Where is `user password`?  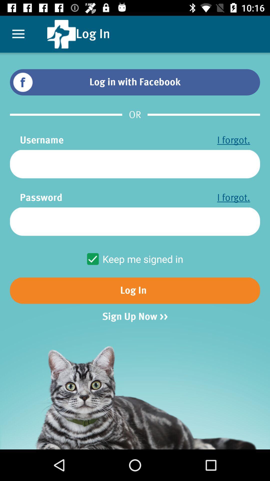 user password is located at coordinates (135, 221).